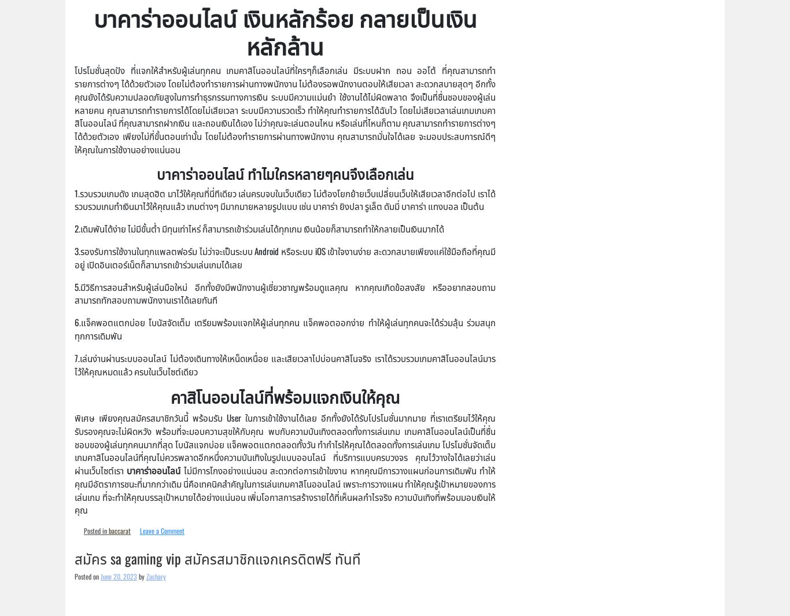 The image size is (790, 616). What do you see at coordinates (259, 228) in the screenshot?
I see `'2.เดิมพันได้ง่าย ไม่มีขั้นต่ำ มีทุนเท่าไหร่ ก็สามารถเข้าร่วมเล่นได้ทุกเกม เงินน้อยก็สามารถทำให้กลายเป็นเงินมากได้'` at bounding box center [259, 228].